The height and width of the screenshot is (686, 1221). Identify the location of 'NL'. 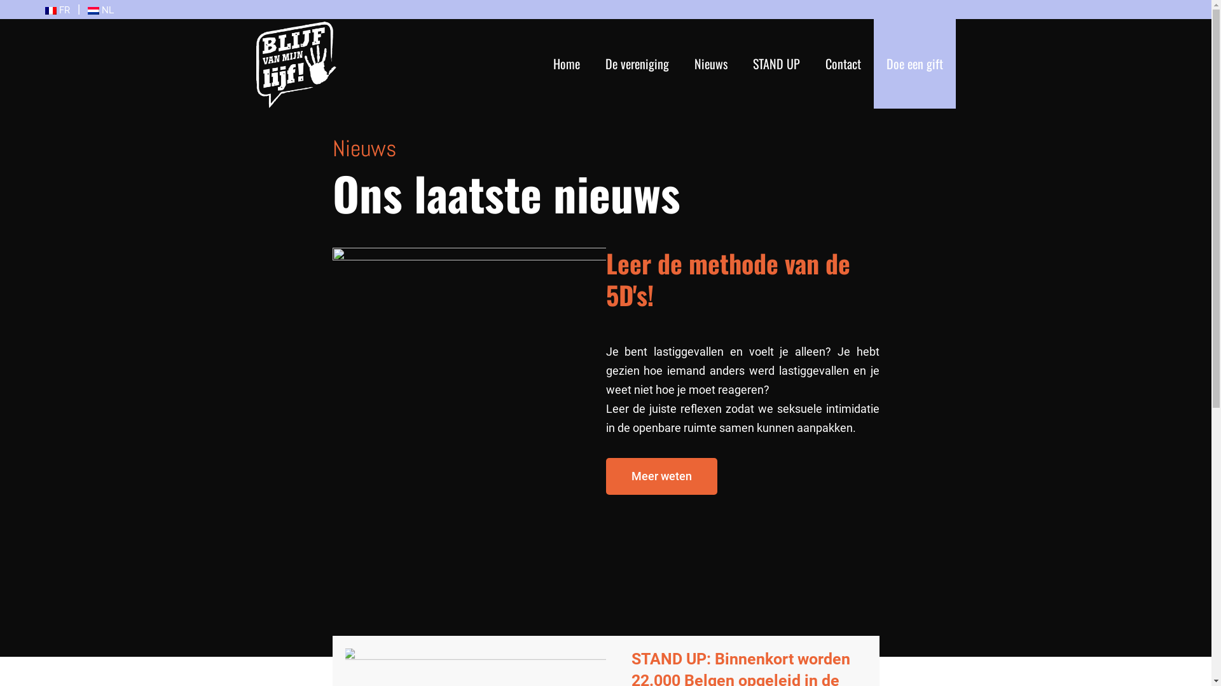
(100, 10).